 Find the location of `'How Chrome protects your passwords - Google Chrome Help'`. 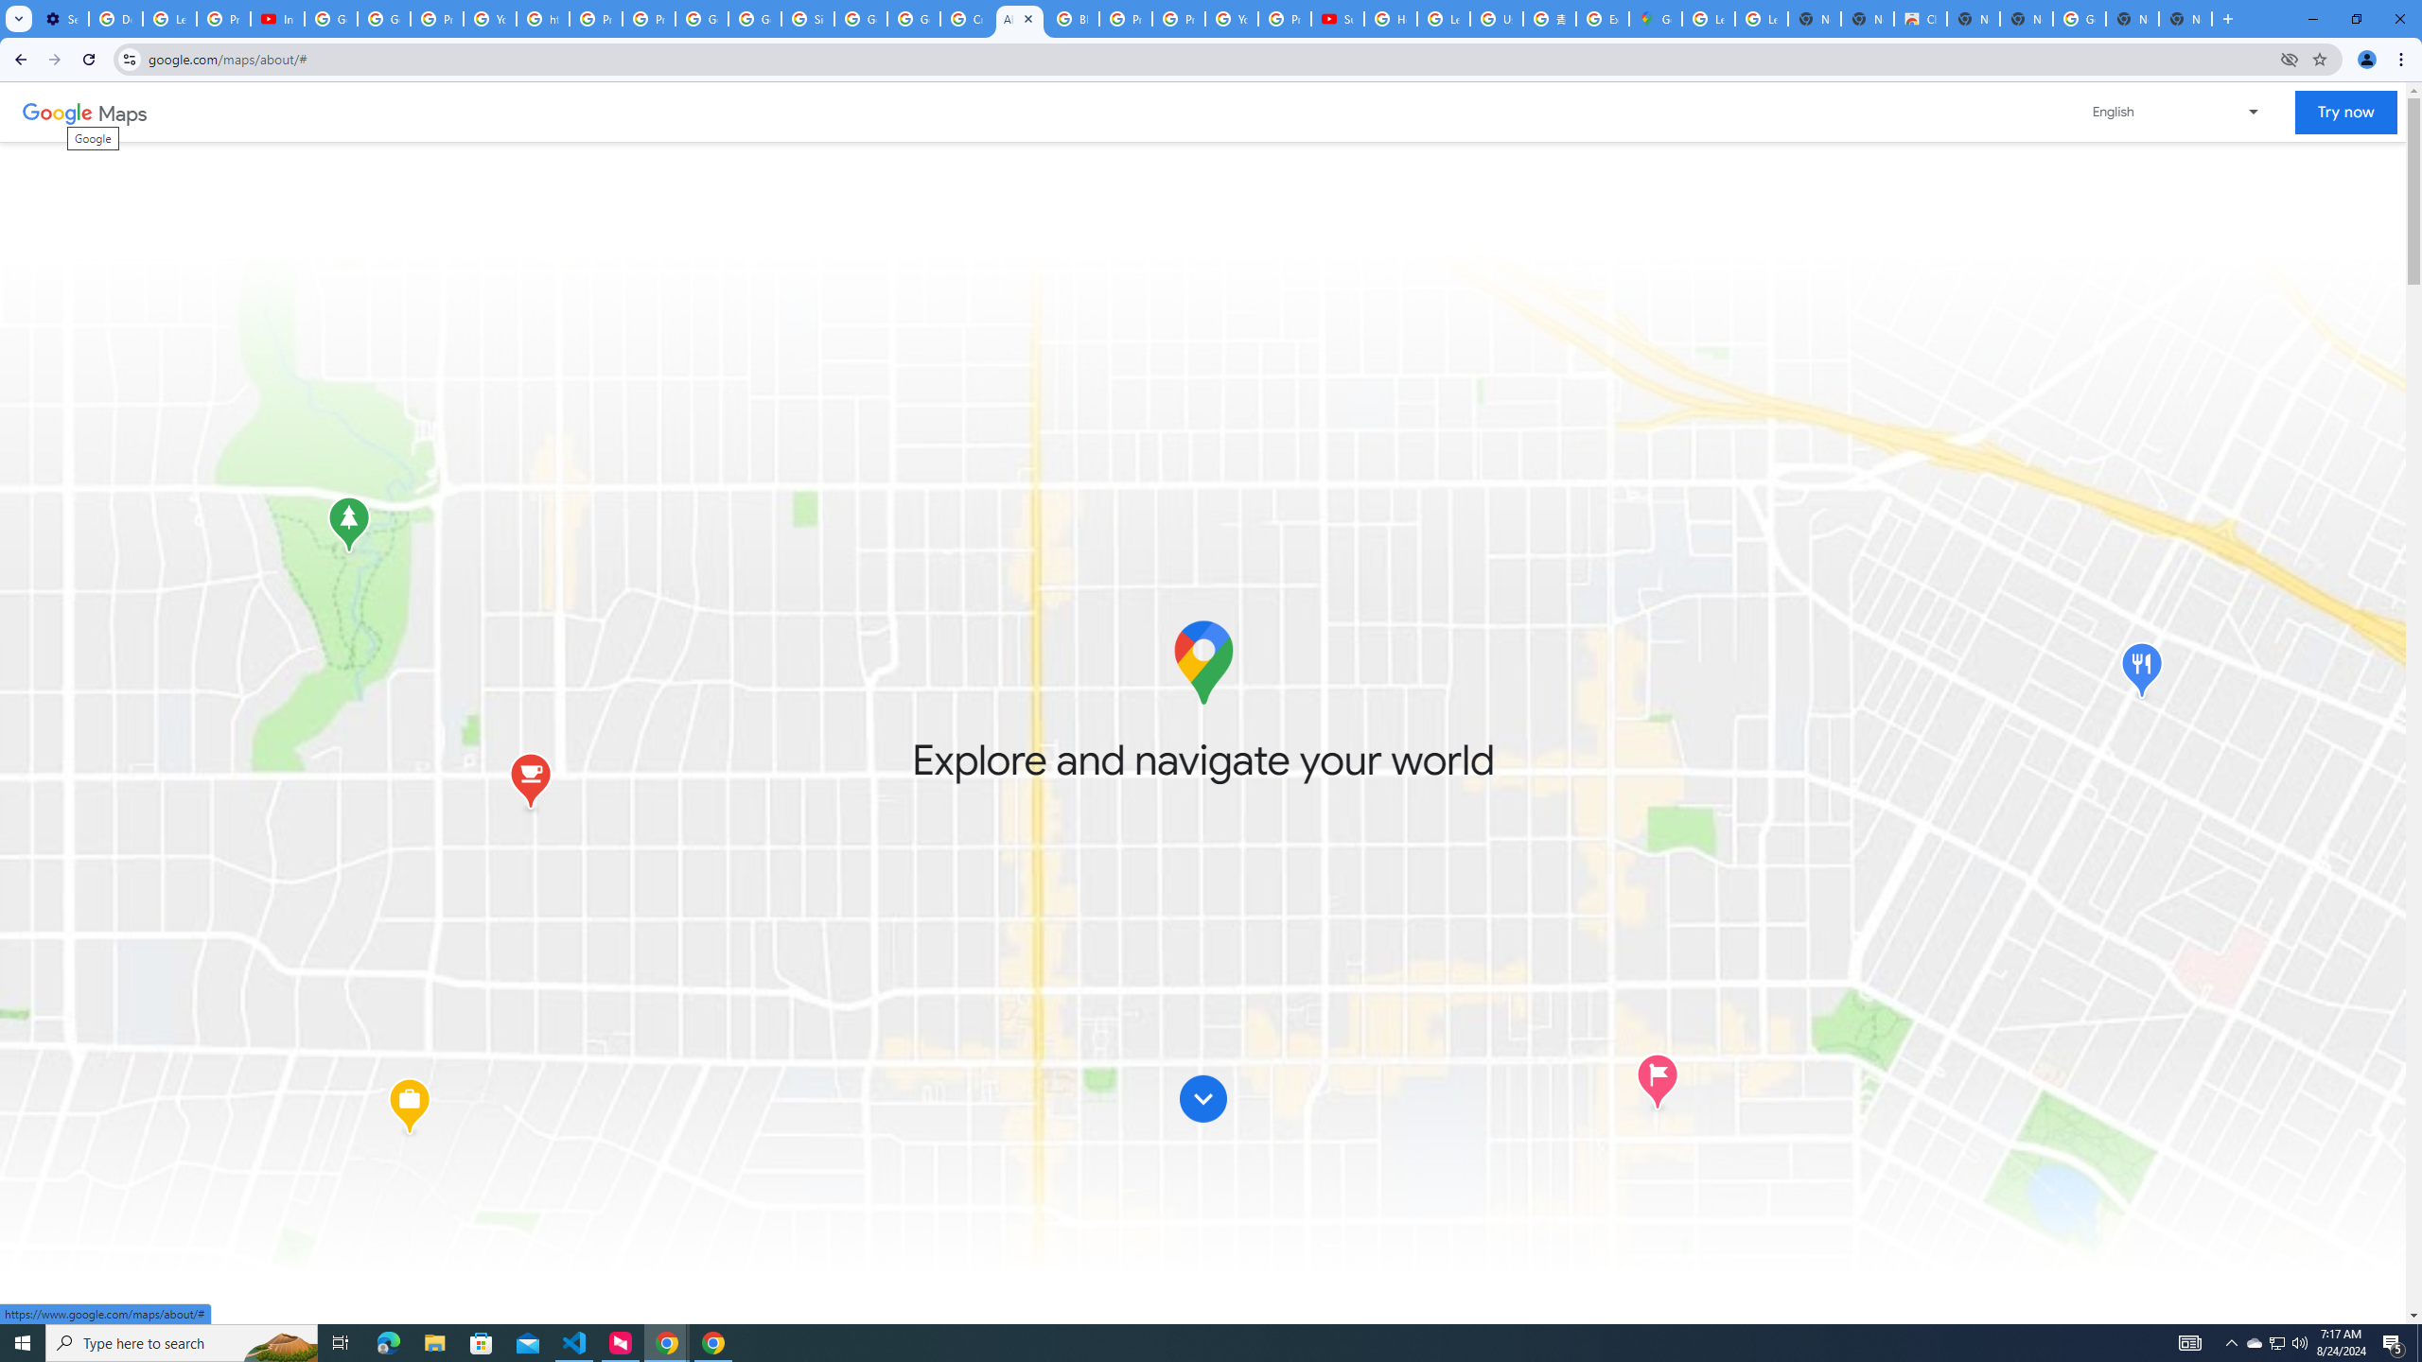

'How Chrome protects your passwords - Google Chrome Help' is located at coordinates (1390, 18).